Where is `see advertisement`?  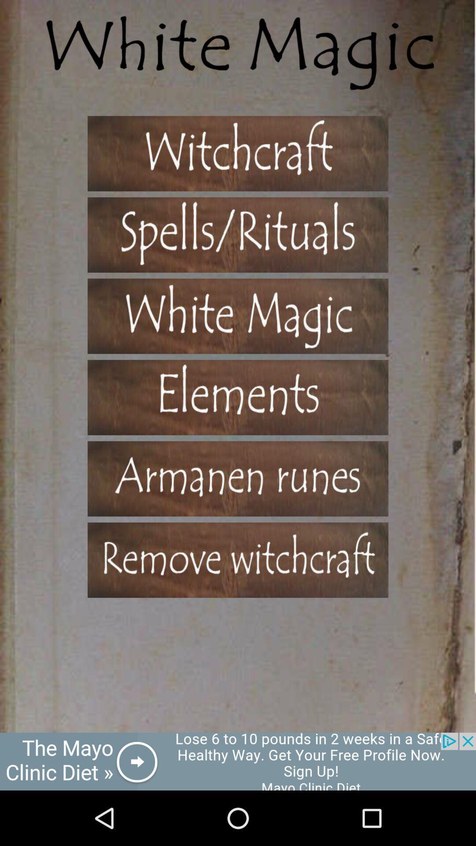 see advertisement is located at coordinates (238, 761).